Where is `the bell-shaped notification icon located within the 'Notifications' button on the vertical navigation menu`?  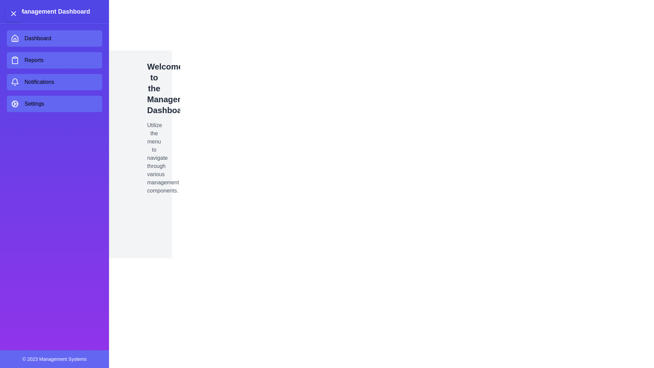 the bell-shaped notification icon located within the 'Notifications' button on the vertical navigation menu is located at coordinates (15, 81).